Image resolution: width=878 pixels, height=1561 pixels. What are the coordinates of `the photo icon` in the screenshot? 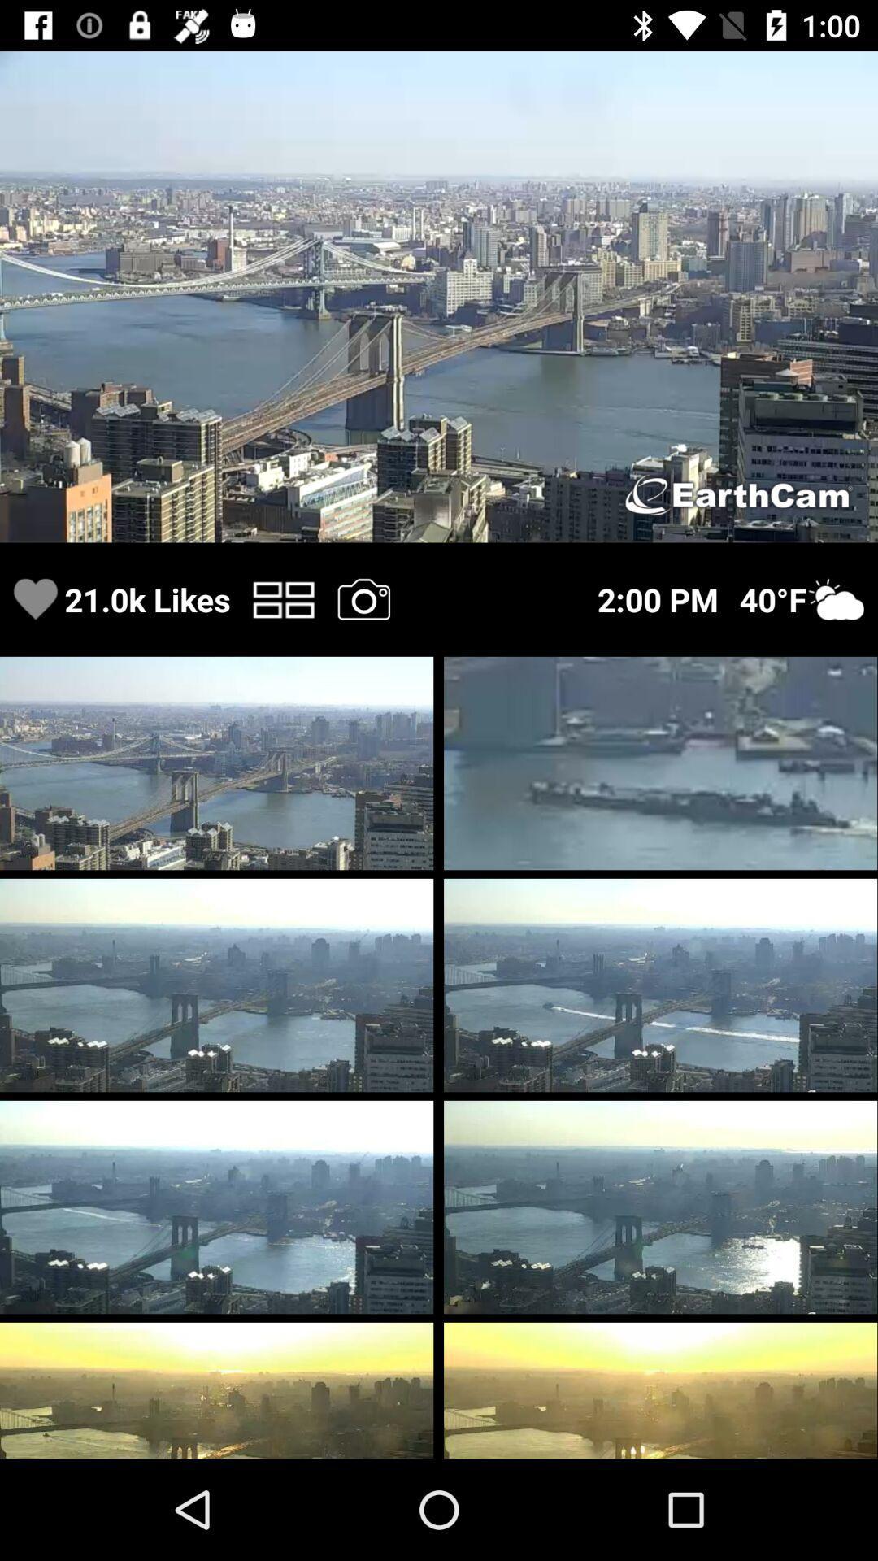 It's located at (363, 598).